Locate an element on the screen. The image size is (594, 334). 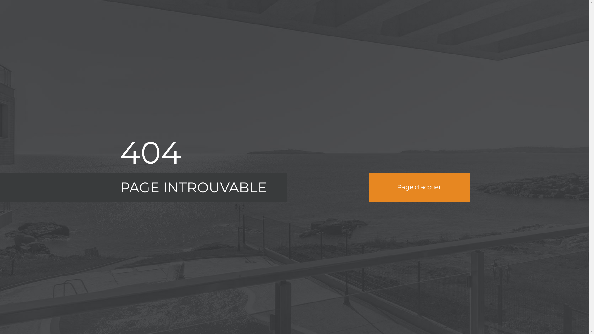
'Page d'accueil' is located at coordinates (420, 187).